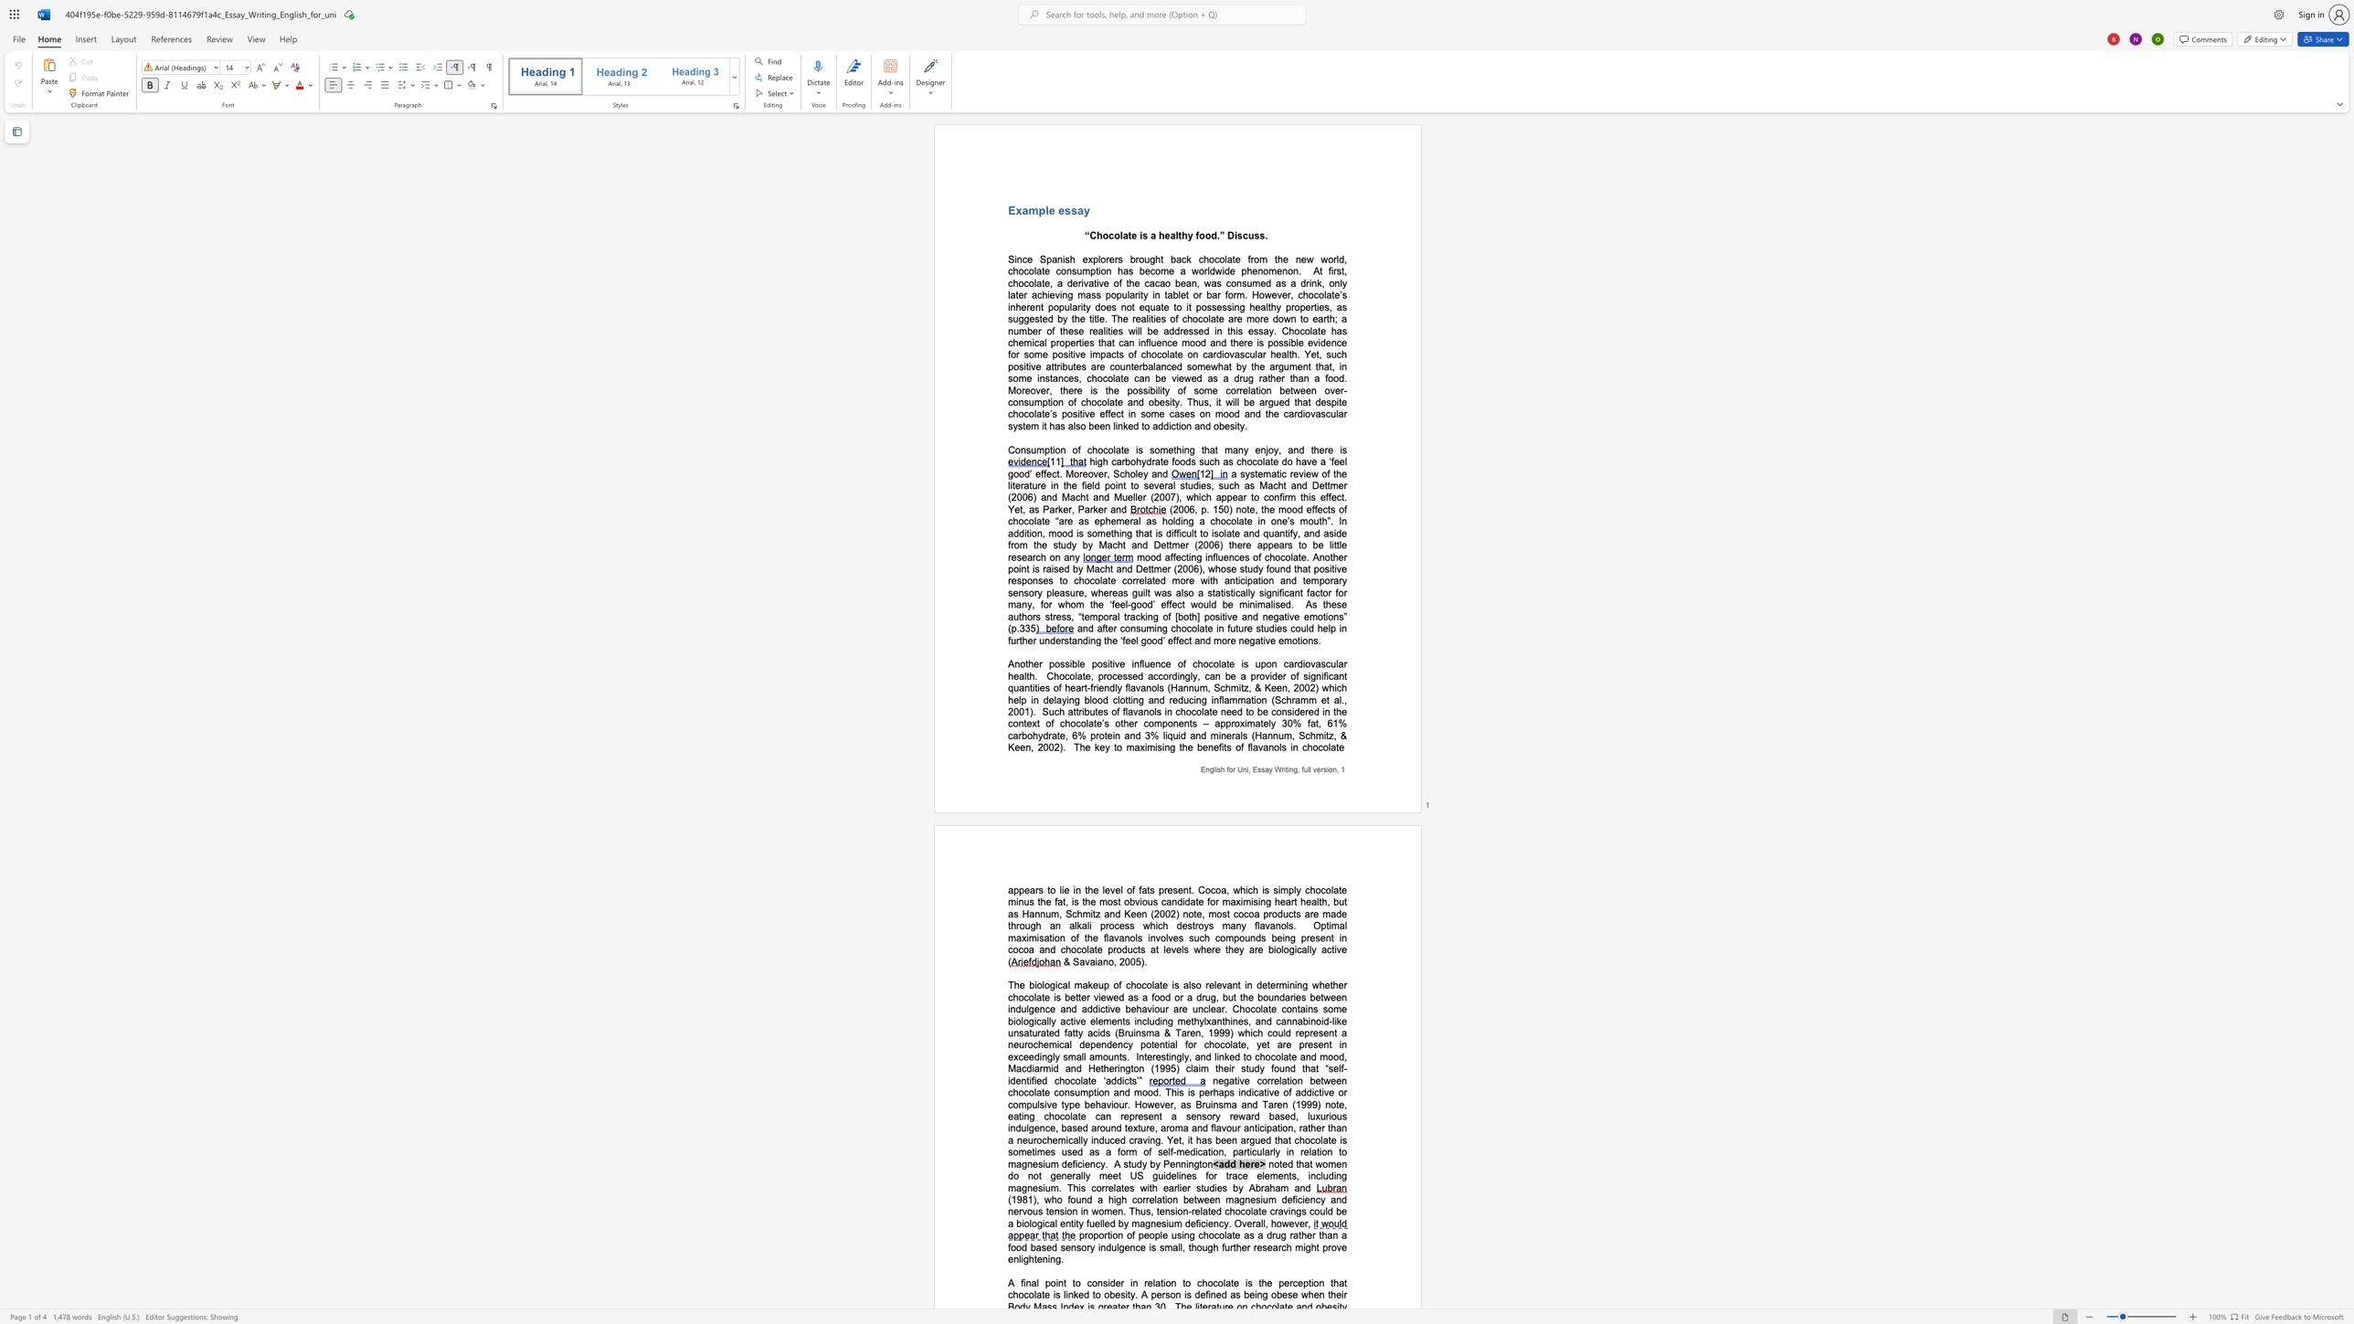 This screenshot has width=2354, height=1324. Describe the element at coordinates (1209, 616) in the screenshot. I see `the subset text "ositive and negative emotions" within the text "As these authors stress, “temporal tracking of [both] positive and negative emotions” (p.335"` at that location.